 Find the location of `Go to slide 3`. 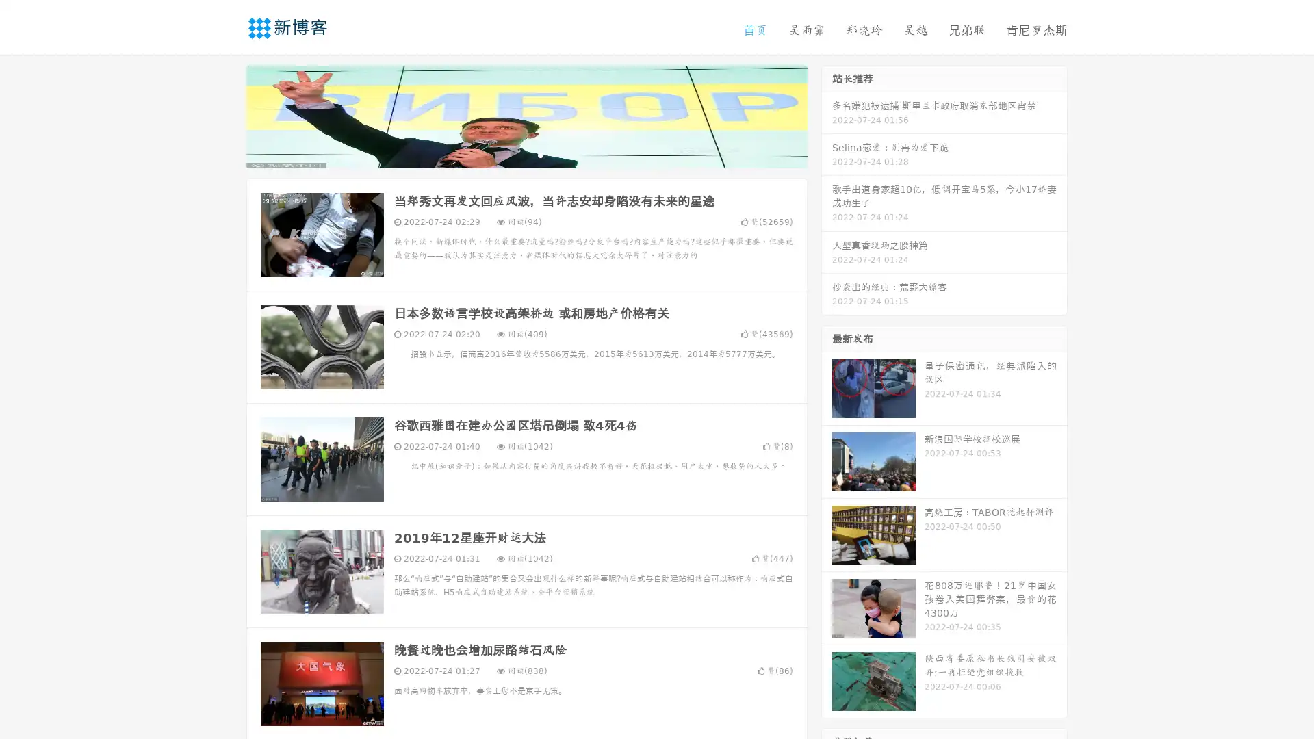

Go to slide 3 is located at coordinates (540, 154).